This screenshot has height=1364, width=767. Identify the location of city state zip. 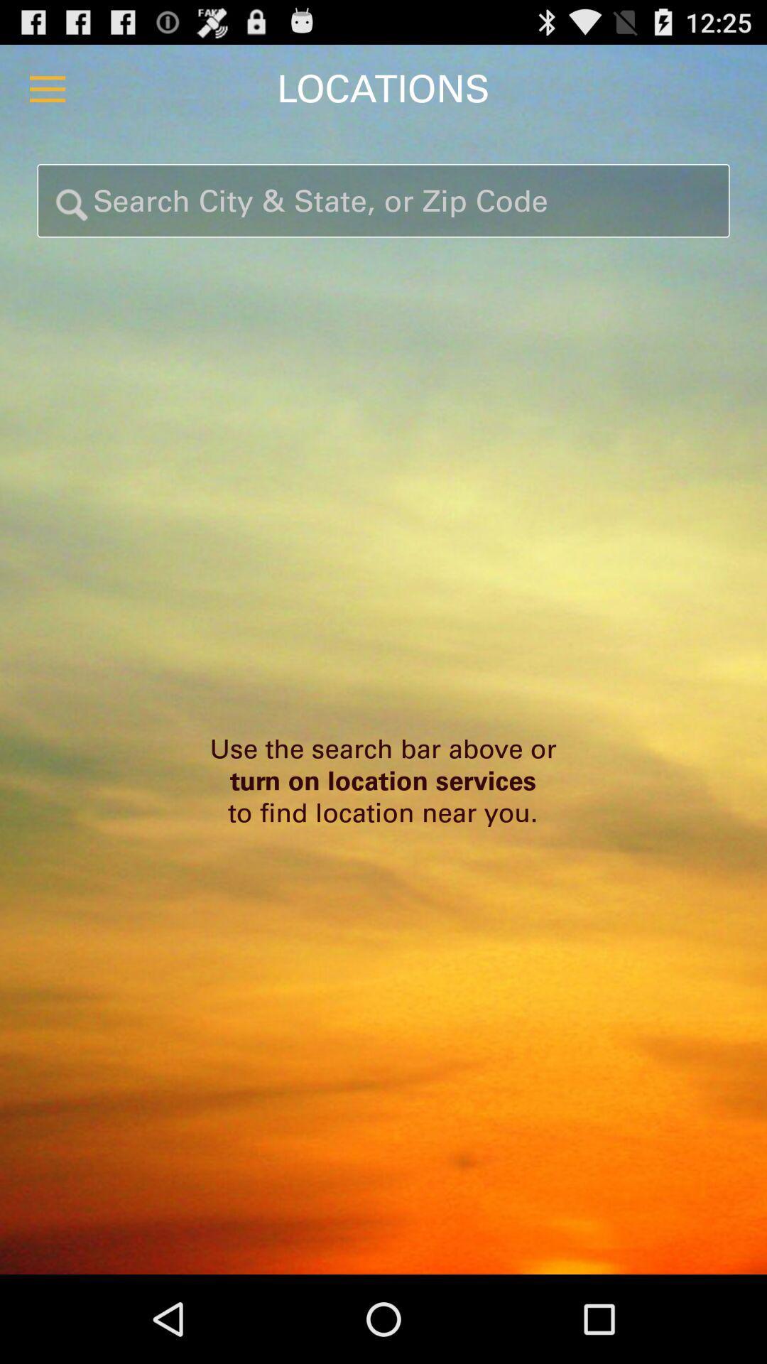
(383, 200).